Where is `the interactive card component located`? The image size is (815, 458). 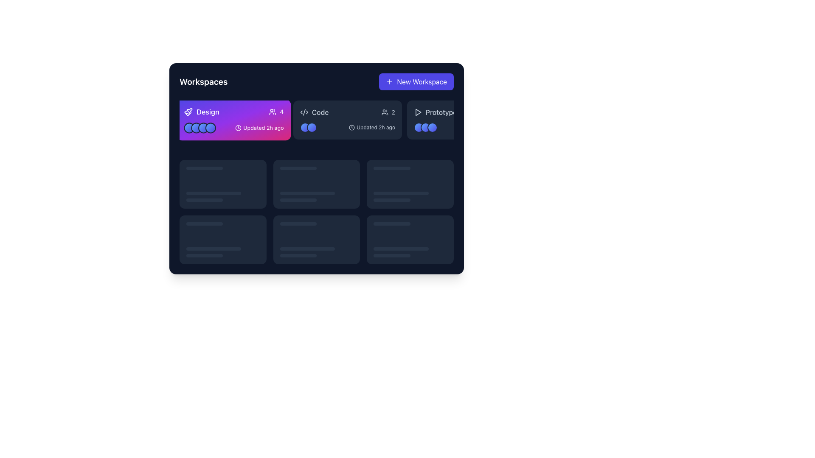 the interactive card component located is located at coordinates (223, 240).